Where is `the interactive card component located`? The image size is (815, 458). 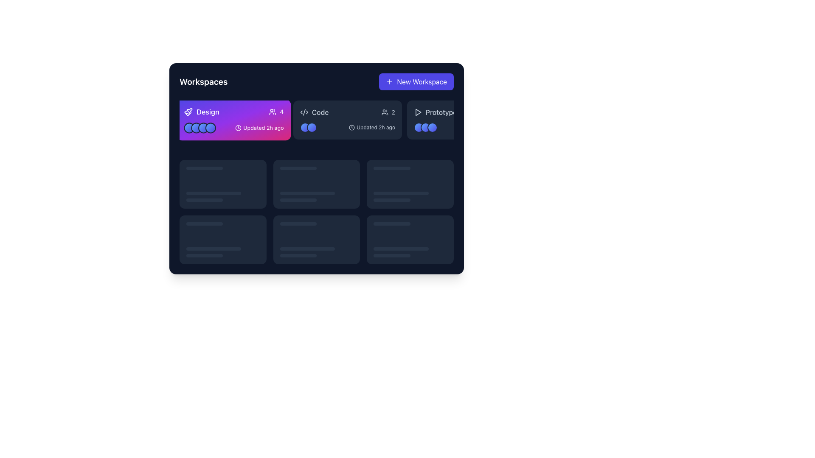 the interactive card component located is located at coordinates (223, 240).